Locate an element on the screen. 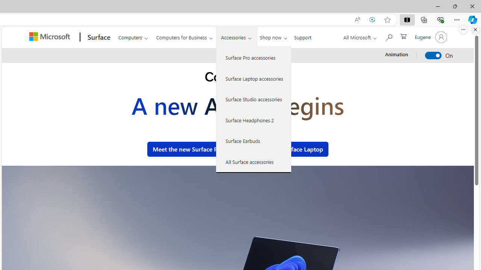 The image size is (481, 270). 'Support' is located at coordinates (303, 36).